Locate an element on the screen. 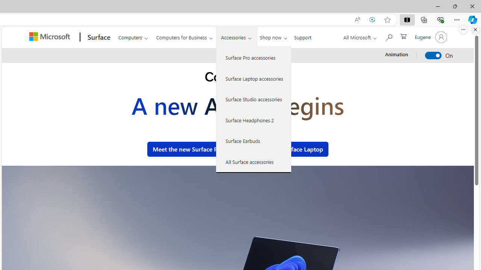 The image size is (481, 270). 'Support' is located at coordinates (303, 36).